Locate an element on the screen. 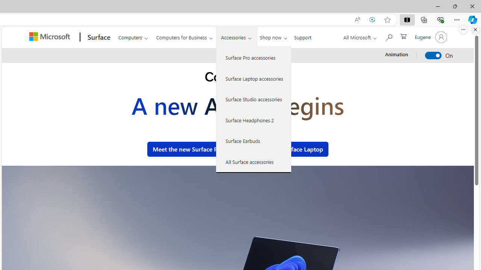 The image size is (481, 270). 'Support' is located at coordinates (303, 36).